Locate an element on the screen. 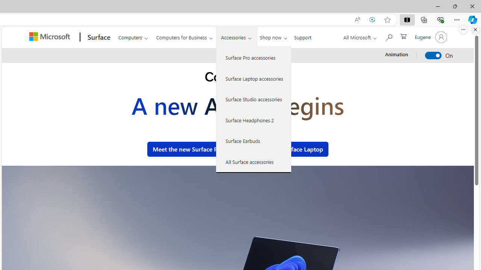 The image size is (481, 270). 'Support' is located at coordinates (303, 36).